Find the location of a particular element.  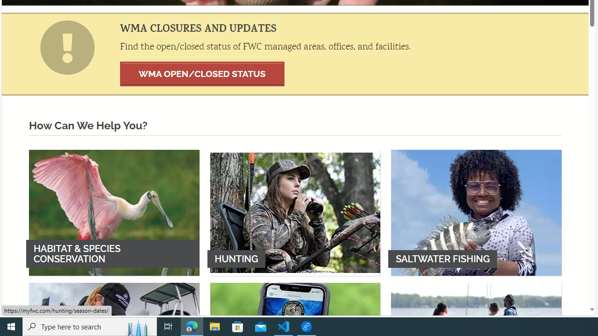

'HABITAT & SPECIES CONSERVATION' is located at coordinates (114, 212).